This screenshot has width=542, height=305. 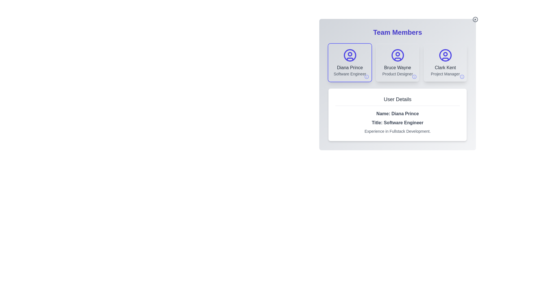 I want to click on the outer circle SVG element representing the avatar of a team member, located in the third profile card under the 'Team Members' heading, so click(x=445, y=55).